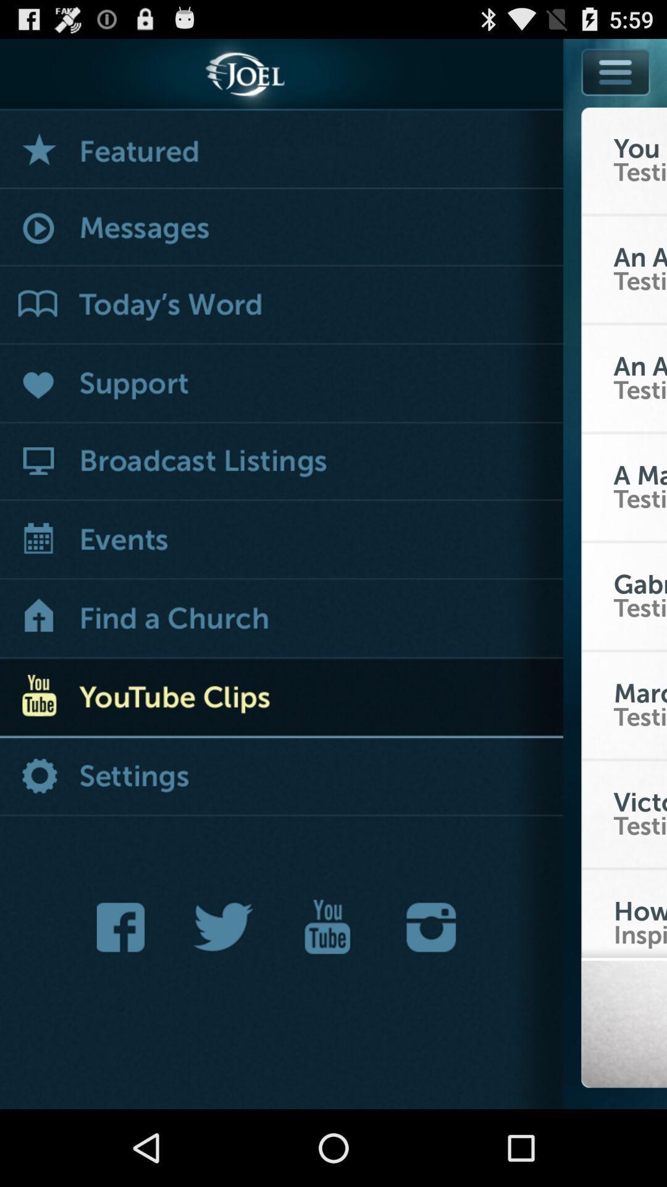 The height and width of the screenshot is (1187, 667). What do you see at coordinates (224, 927) in the screenshot?
I see `share on twitter` at bounding box center [224, 927].